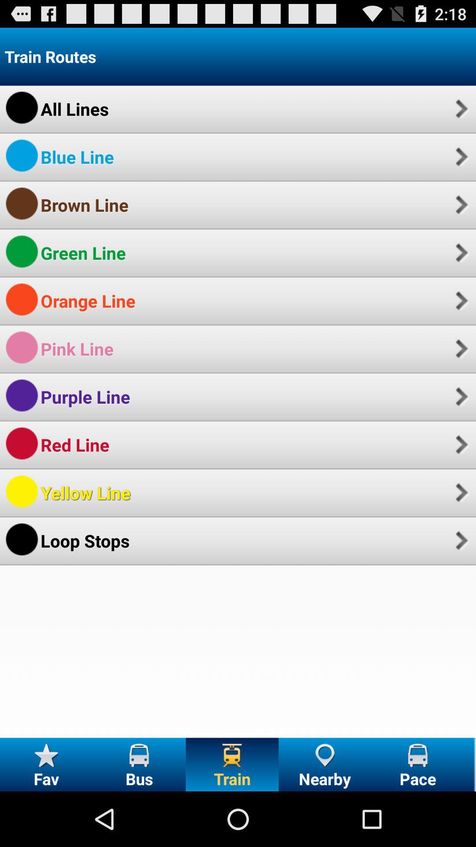  Describe the element at coordinates (74, 109) in the screenshot. I see `the icon below the train routes app` at that location.